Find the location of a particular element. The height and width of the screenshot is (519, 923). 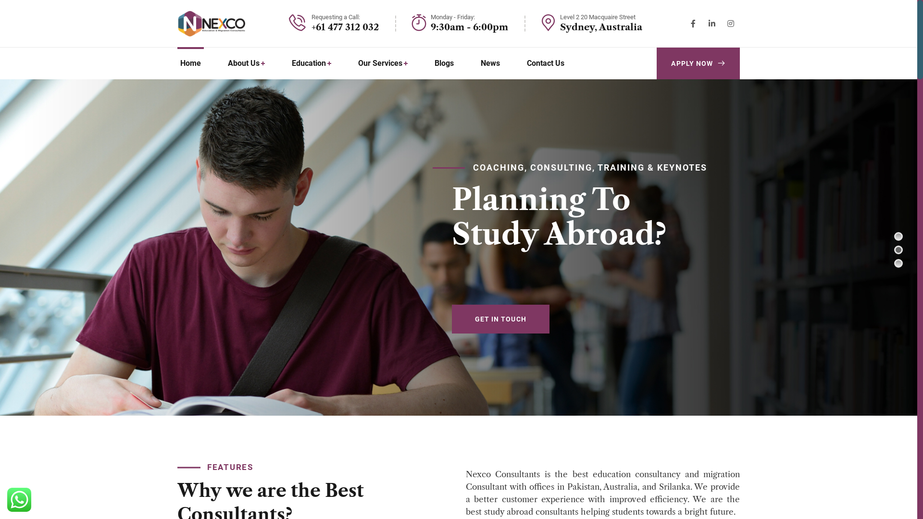

'About Us' is located at coordinates (246, 63).